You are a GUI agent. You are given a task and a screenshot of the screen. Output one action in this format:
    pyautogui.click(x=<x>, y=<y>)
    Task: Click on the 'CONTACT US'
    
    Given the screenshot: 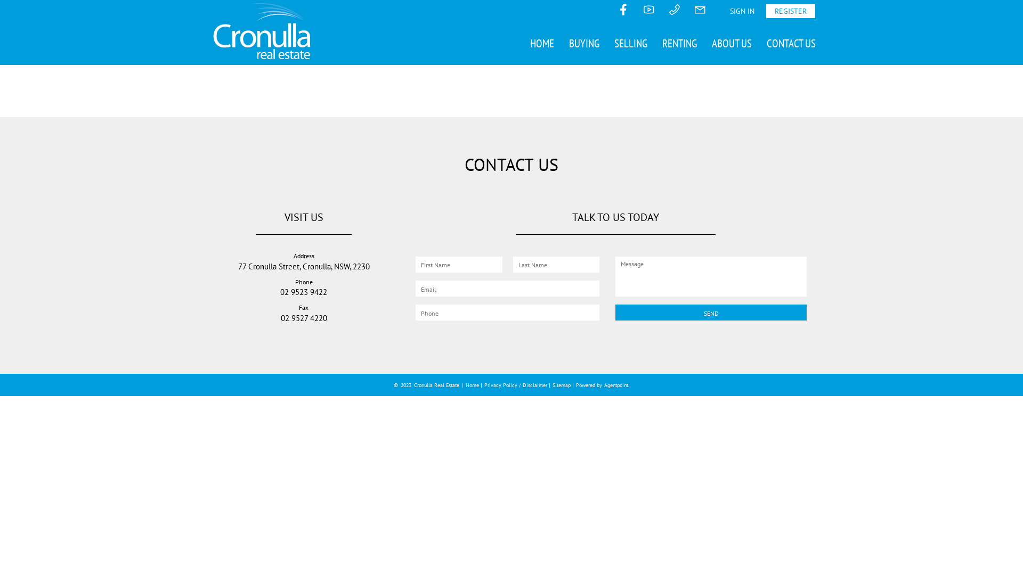 What is the action you would take?
    pyautogui.click(x=791, y=43)
    